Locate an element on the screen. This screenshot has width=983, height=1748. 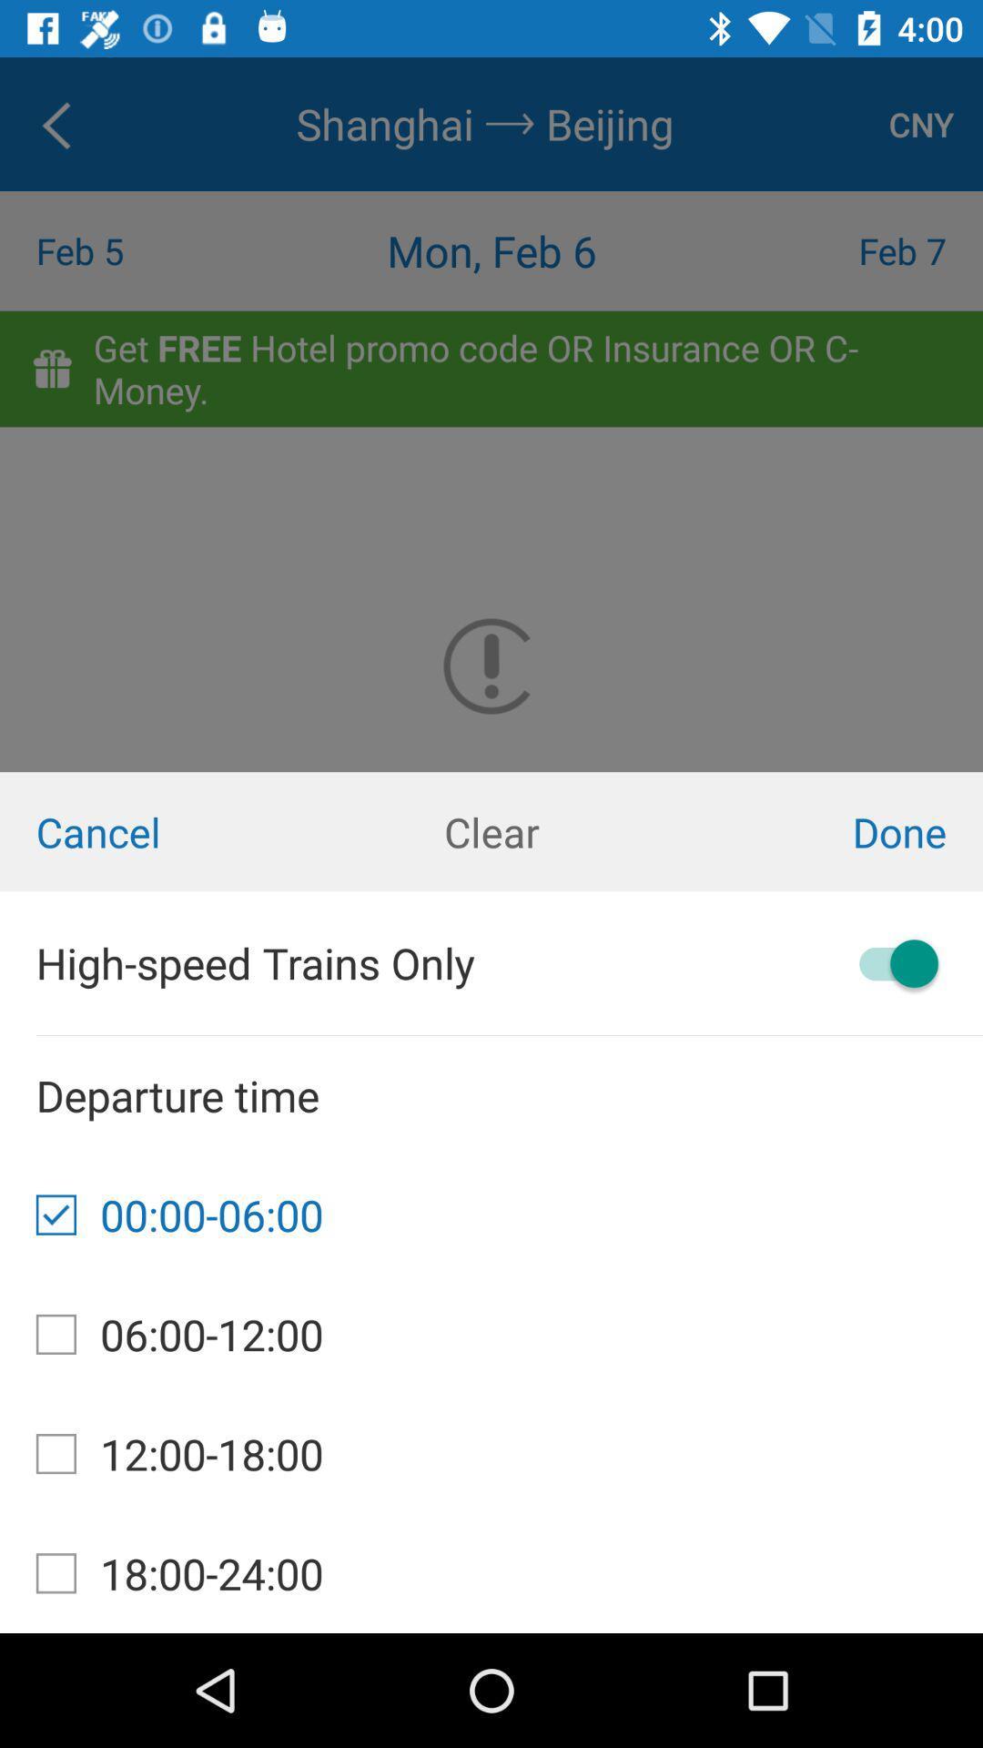
item above the high speed trains is located at coordinates (491, 830).